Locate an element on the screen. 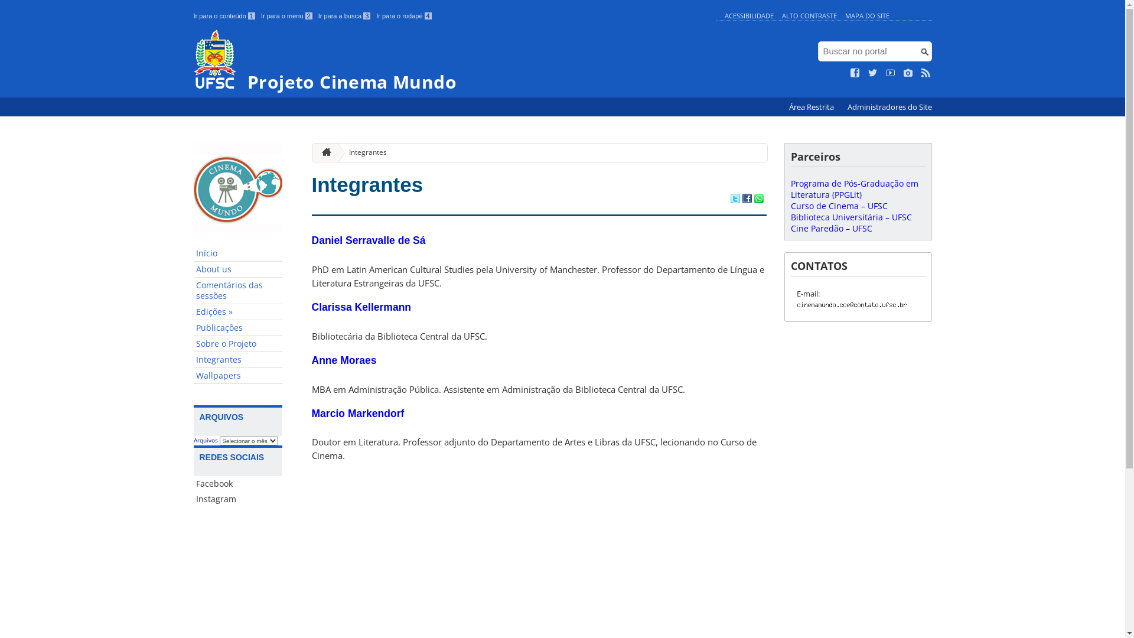 The image size is (1134, 638). 'Siga no Twitter' is located at coordinates (873, 73).